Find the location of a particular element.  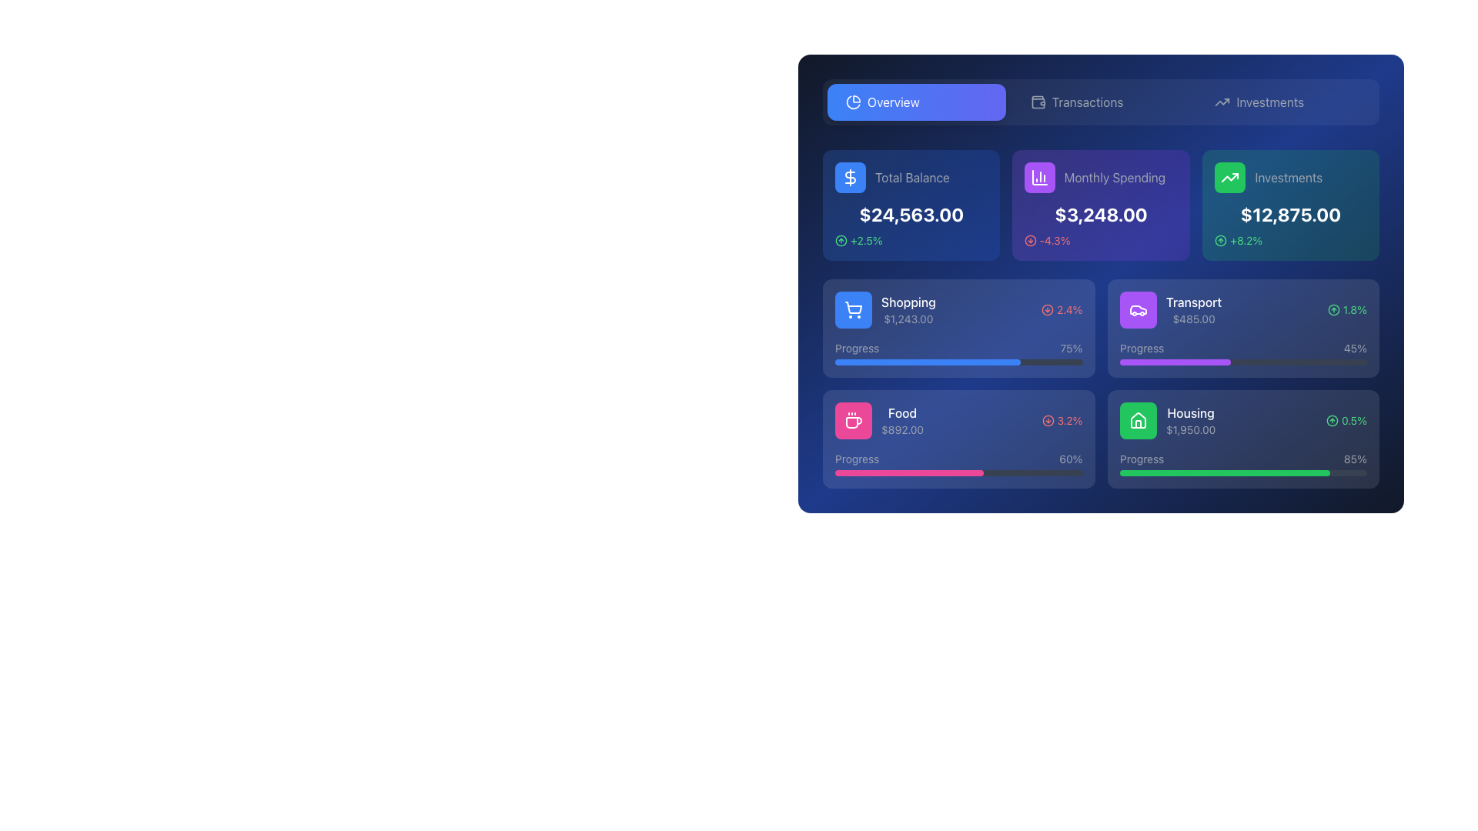

the 'Monthly Spending' text label, which is styled in gray and located within a card layout with a purple background, positioned below a chart icon and to the left of monetary value and percentage statistics is located at coordinates (1115, 177).